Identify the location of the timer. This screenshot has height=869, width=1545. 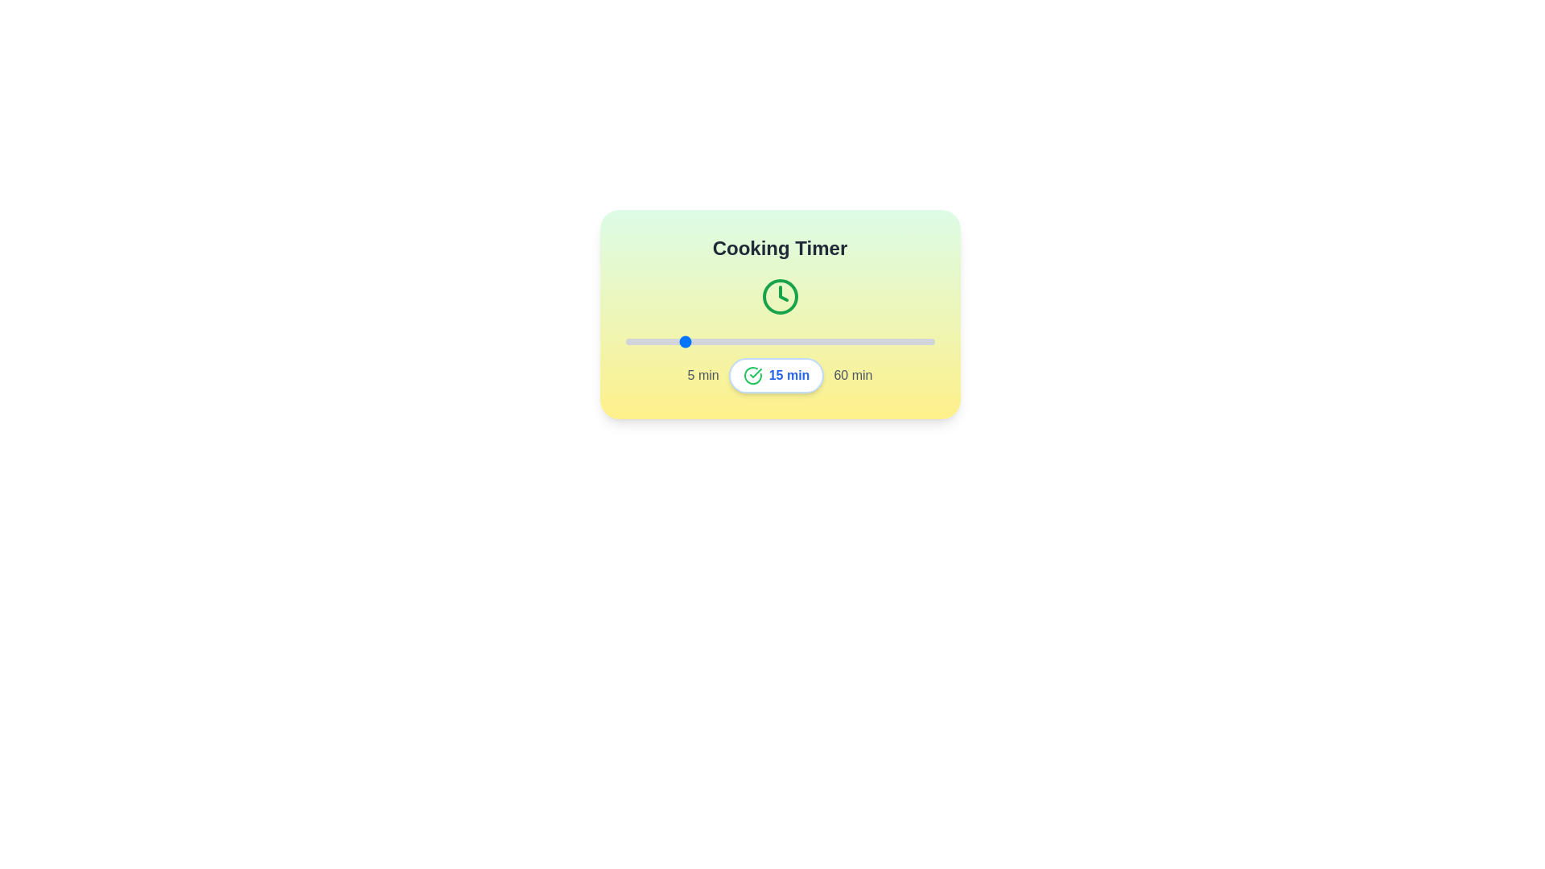
(670, 340).